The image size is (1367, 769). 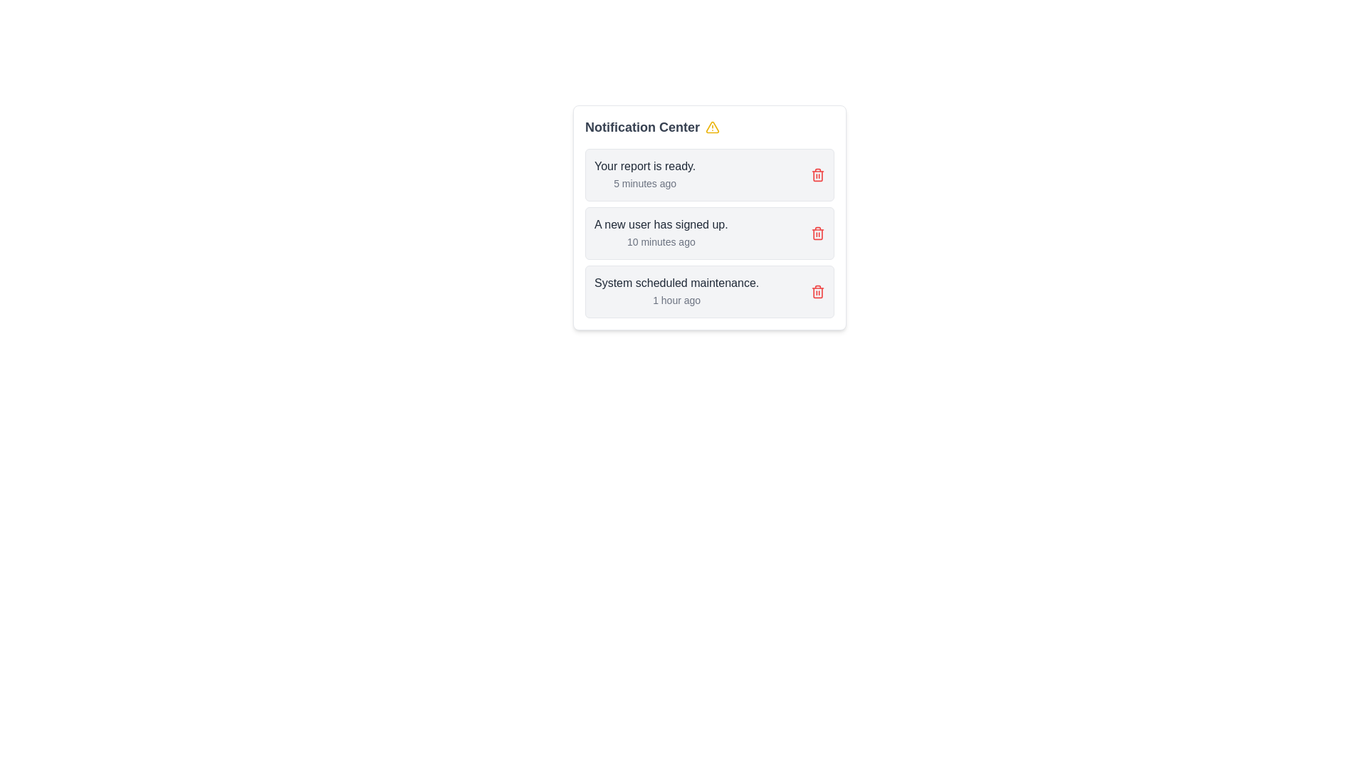 What do you see at coordinates (817, 232) in the screenshot?
I see `the delete button located on the right side of the notification message 'A new user has signed up.'` at bounding box center [817, 232].